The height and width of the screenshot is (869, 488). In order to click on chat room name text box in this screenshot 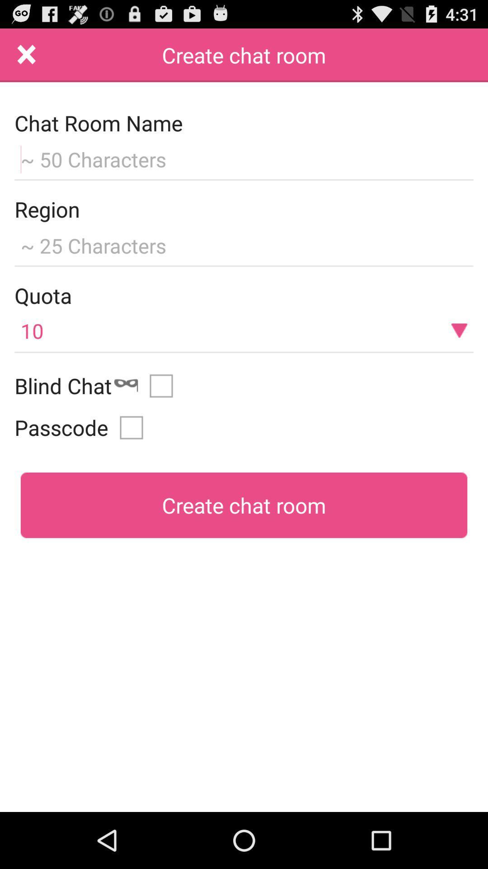, I will do `click(244, 158)`.